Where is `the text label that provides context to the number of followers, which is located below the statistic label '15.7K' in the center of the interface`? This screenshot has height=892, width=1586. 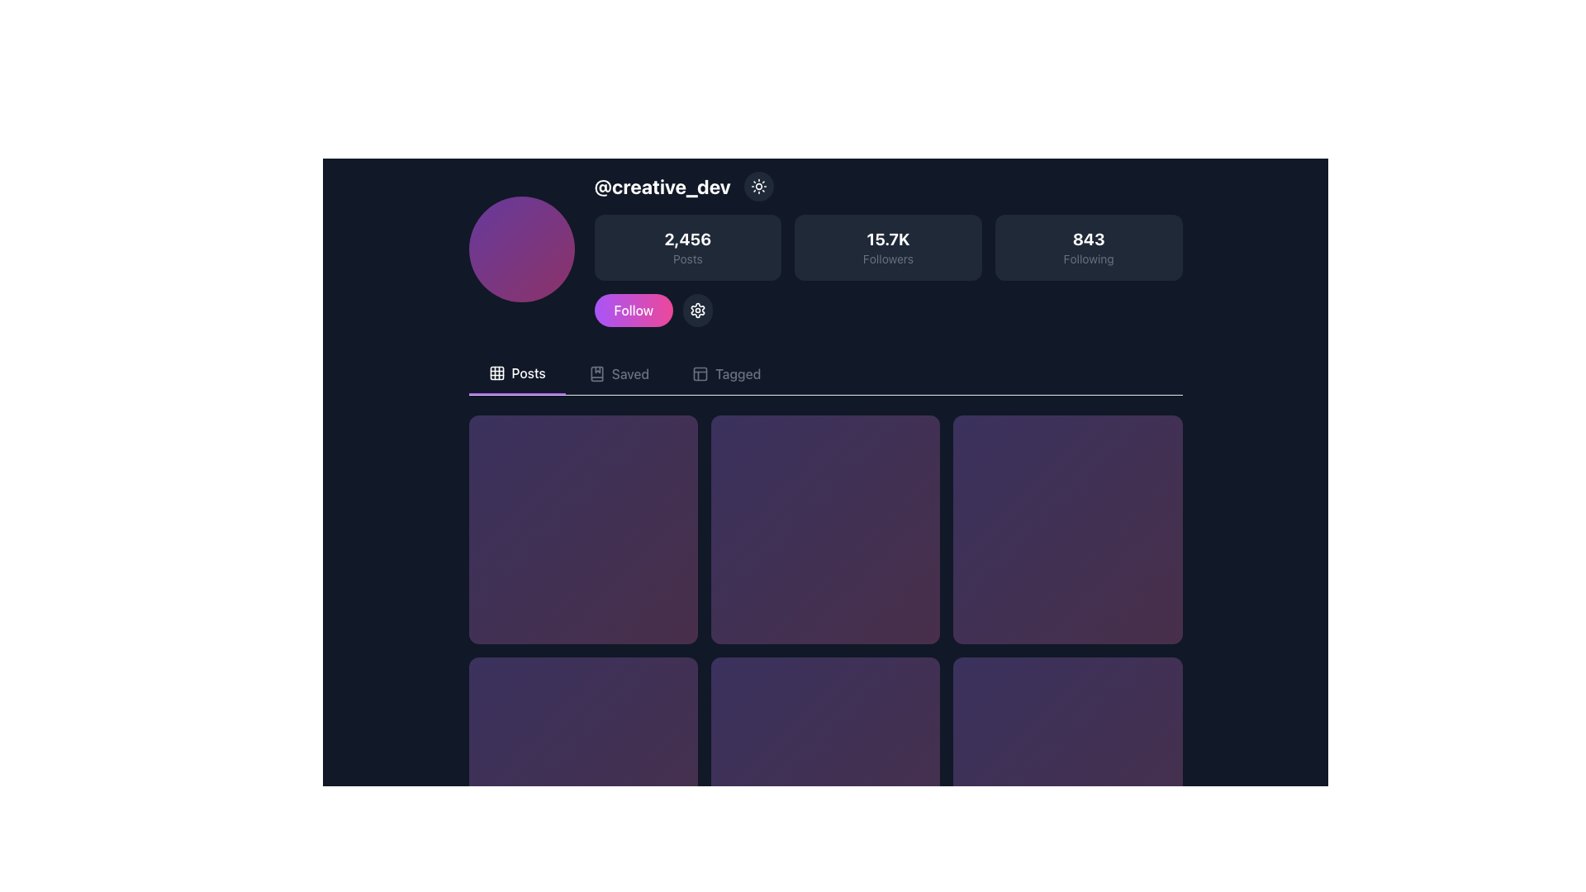
the text label that provides context to the number of followers, which is located below the statistic label '15.7K' in the center of the interface is located at coordinates (887, 259).